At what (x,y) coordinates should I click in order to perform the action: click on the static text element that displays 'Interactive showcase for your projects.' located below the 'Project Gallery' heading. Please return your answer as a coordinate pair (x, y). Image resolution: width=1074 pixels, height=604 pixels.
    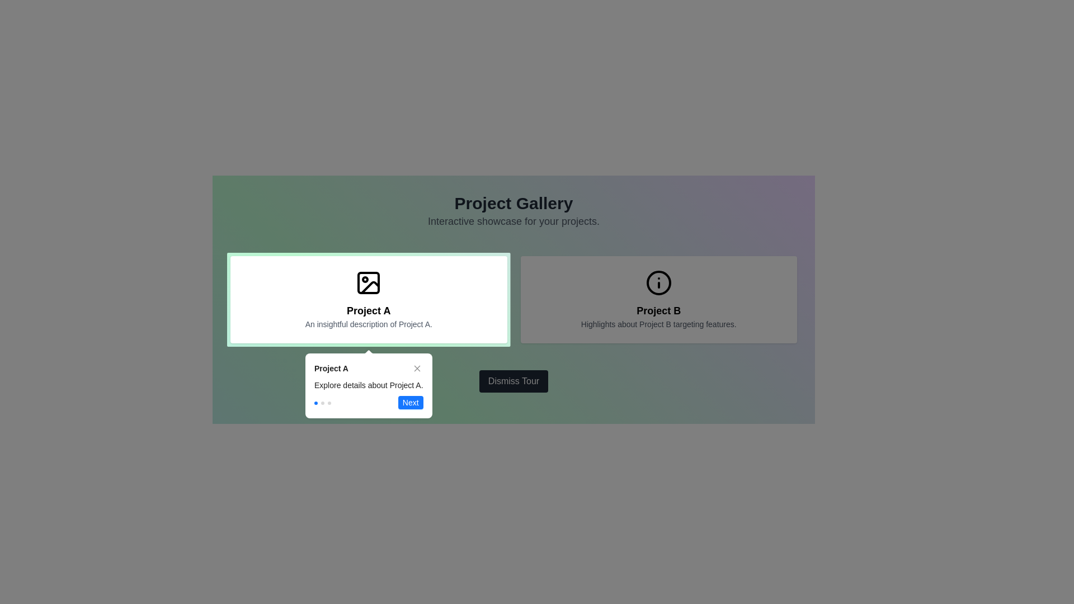
    Looking at the image, I should click on (513, 221).